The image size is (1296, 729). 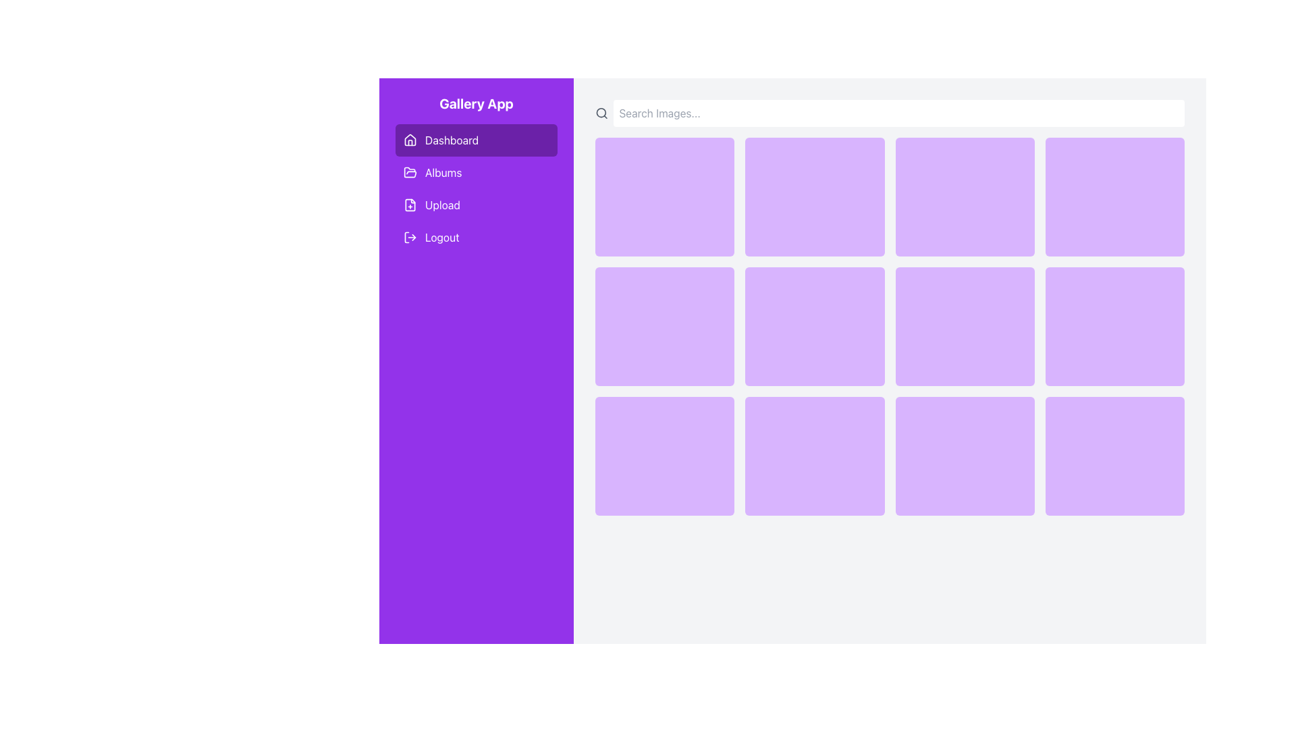 What do you see at coordinates (964, 197) in the screenshot?
I see `the third box in the first row of a 4x4 grid layout, positioned on the right side of the interface, below the search bar to observe the color transition` at bounding box center [964, 197].